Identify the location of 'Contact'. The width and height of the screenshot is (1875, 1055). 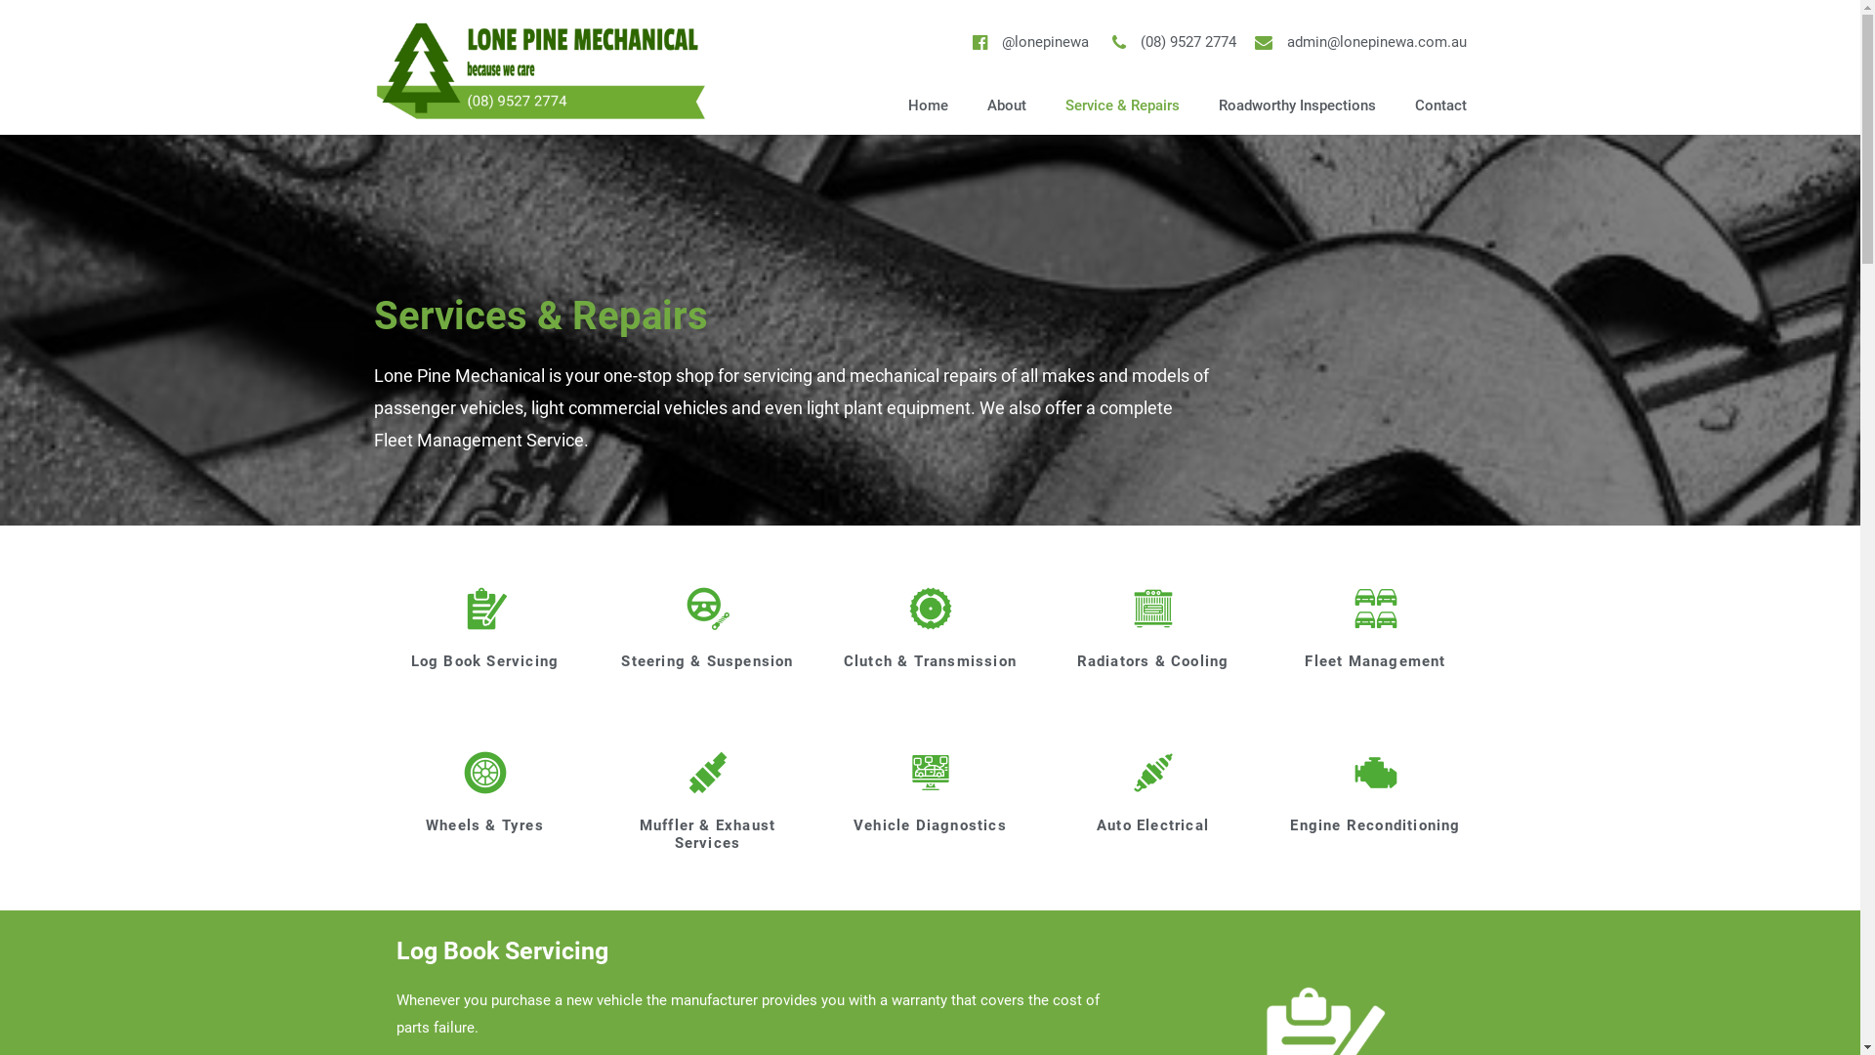
(1440, 105).